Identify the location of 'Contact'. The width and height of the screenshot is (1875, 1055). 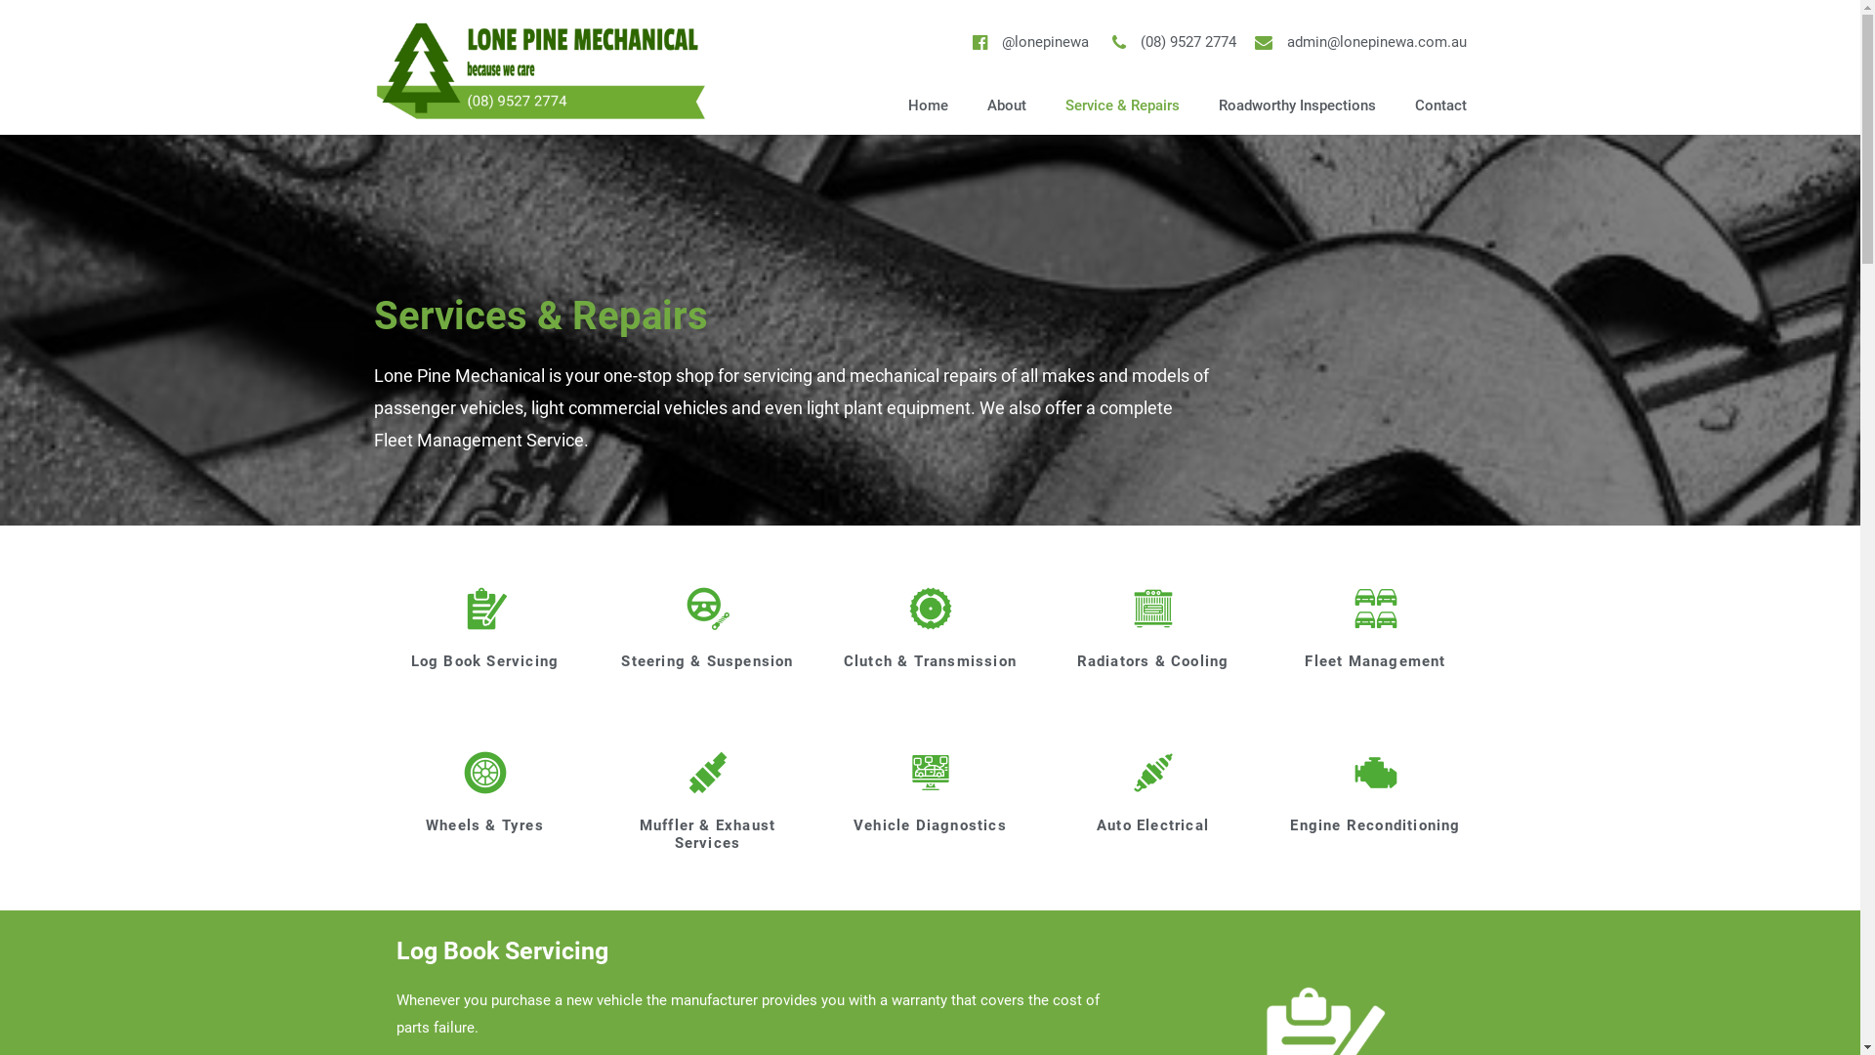
(1440, 105).